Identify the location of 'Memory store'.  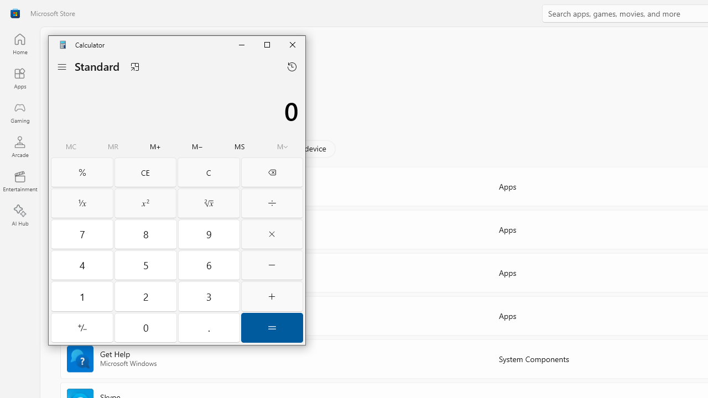
(239, 146).